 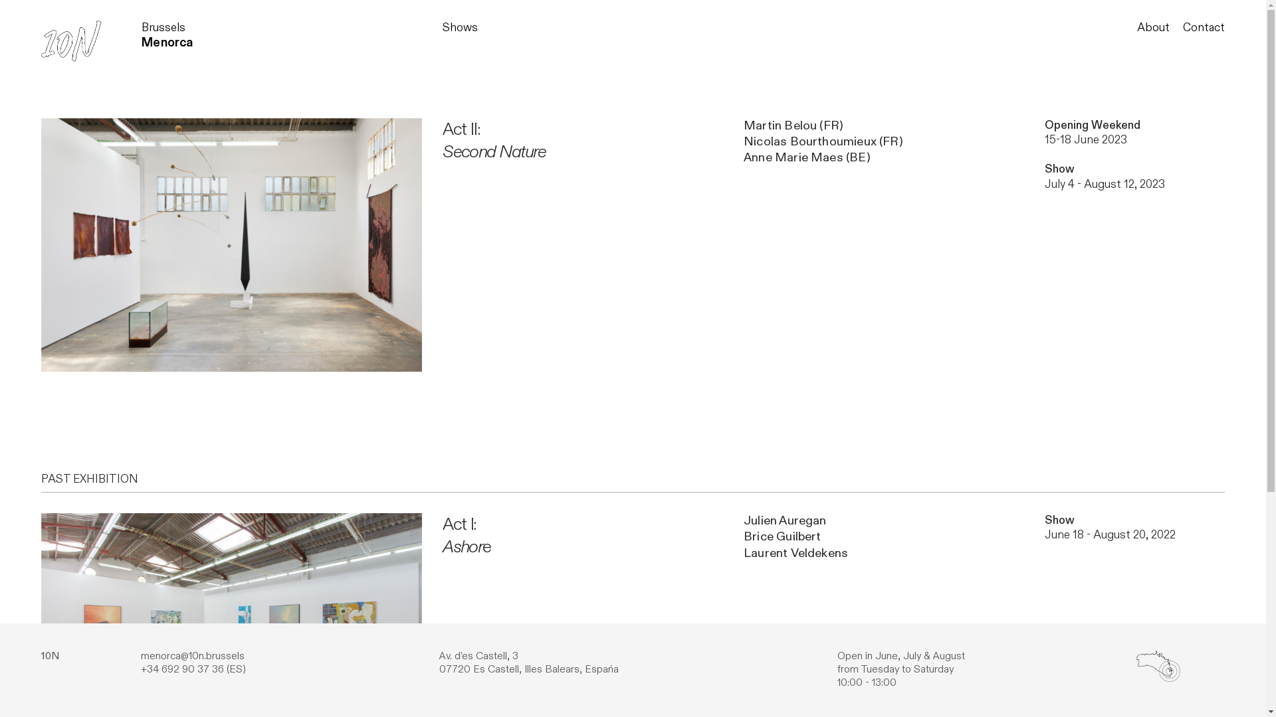 I want to click on 'menorca@10n.brussels', so click(x=191, y=655).